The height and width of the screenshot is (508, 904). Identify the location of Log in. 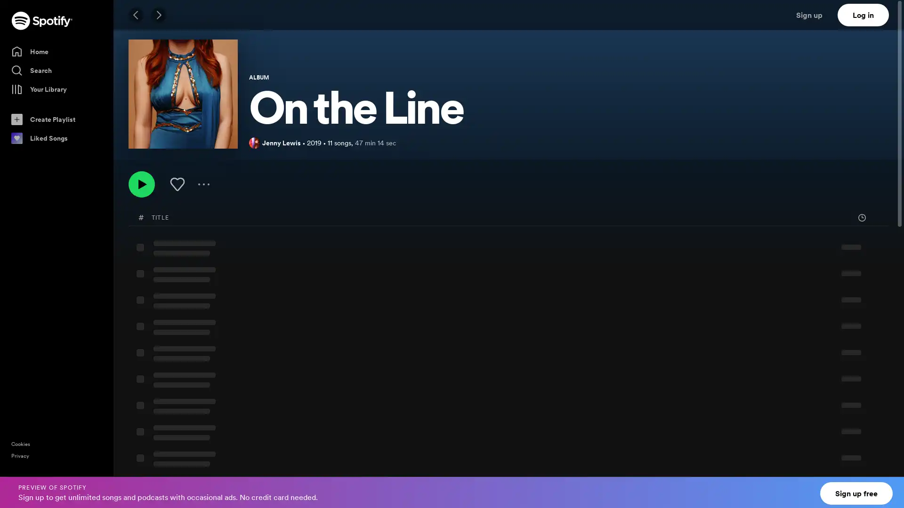
(863, 15).